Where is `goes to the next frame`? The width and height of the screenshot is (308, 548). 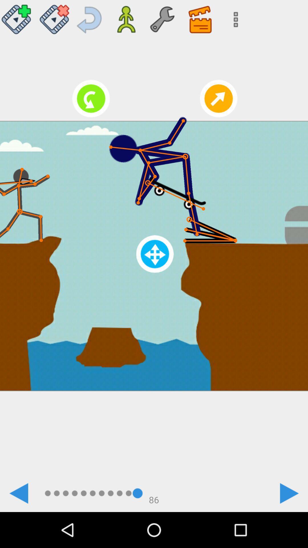 goes to the next frame is located at coordinates (289, 493).